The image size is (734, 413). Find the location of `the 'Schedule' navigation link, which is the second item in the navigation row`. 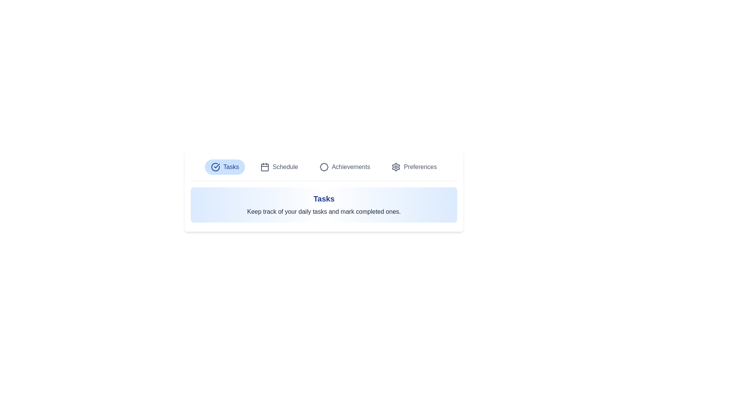

the 'Schedule' navigation link, which is the second item in the navigation row is located at coordinates (285, 166).